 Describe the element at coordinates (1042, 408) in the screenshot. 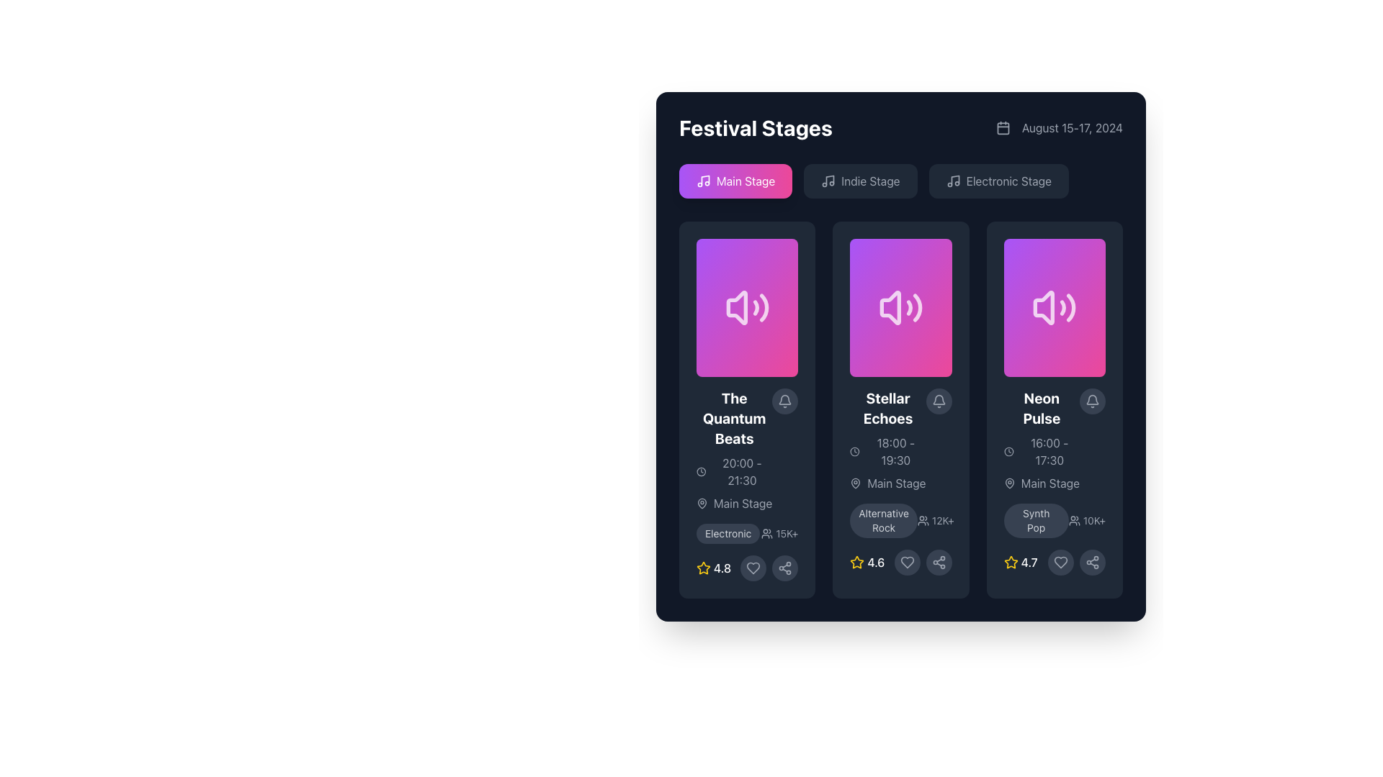

I see `the bold white text label reading 'Neon Pulse'` at that location.